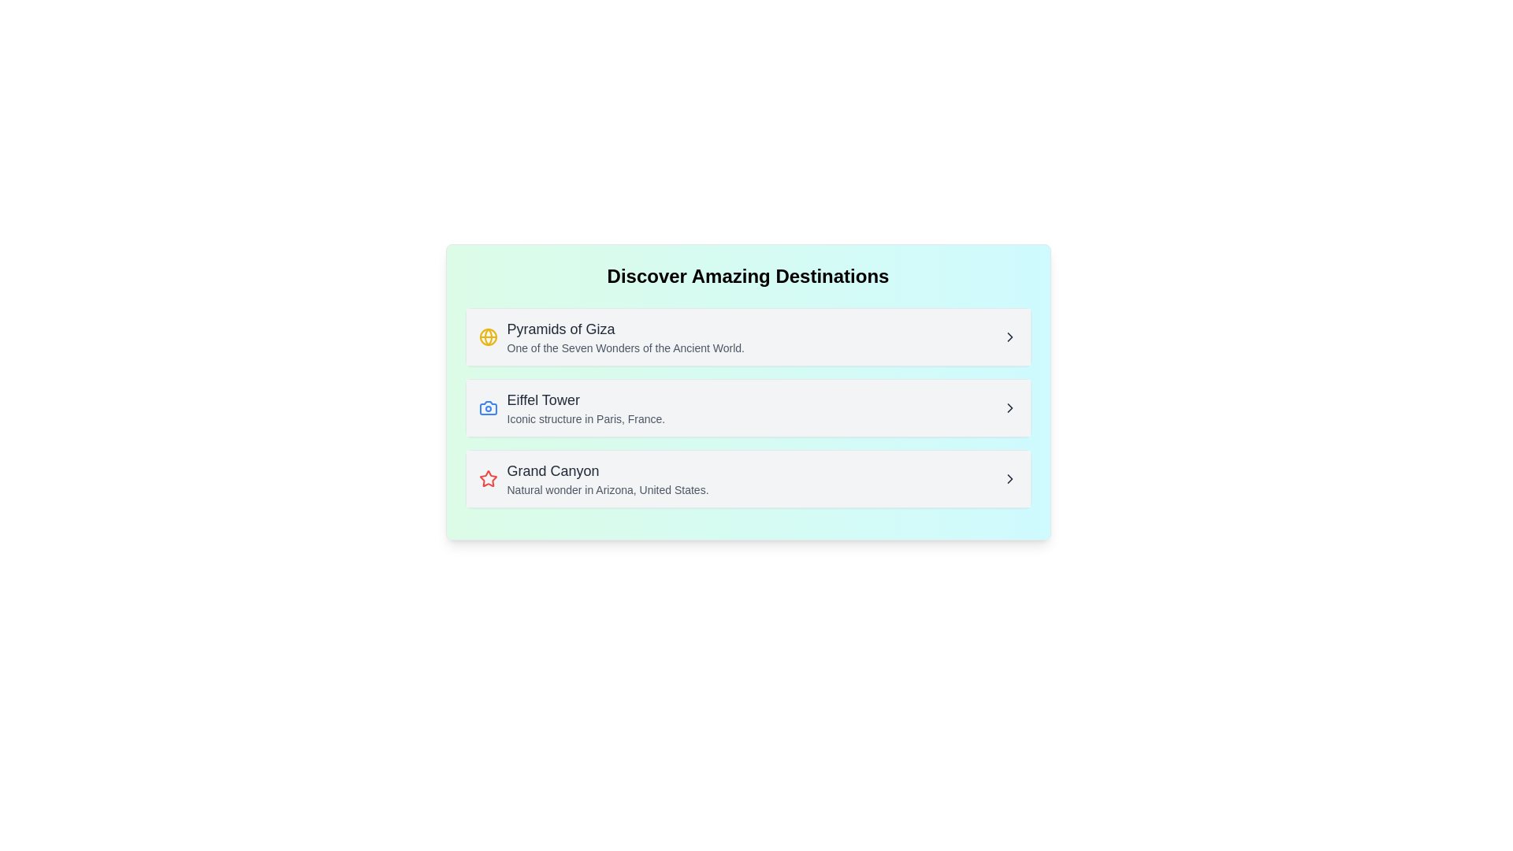 The height and width of the screenshot is (851, 1513). I want to click on the list item titled 'Eiffel Tower' which features a blue camera icon, so click(571, 407).